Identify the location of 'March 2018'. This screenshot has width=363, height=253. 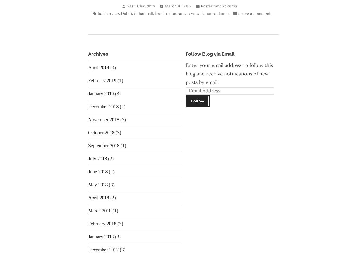
(99, 211).